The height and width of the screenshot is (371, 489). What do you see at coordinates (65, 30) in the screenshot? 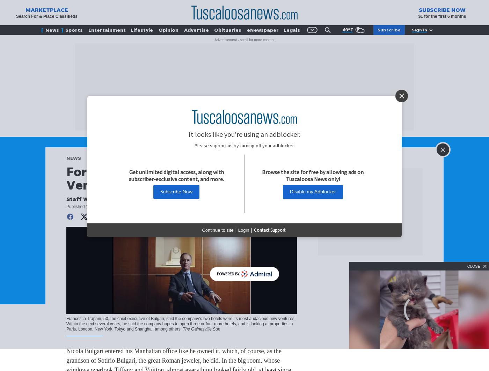
I see `'Sports'` at bounding box center [65, 30].